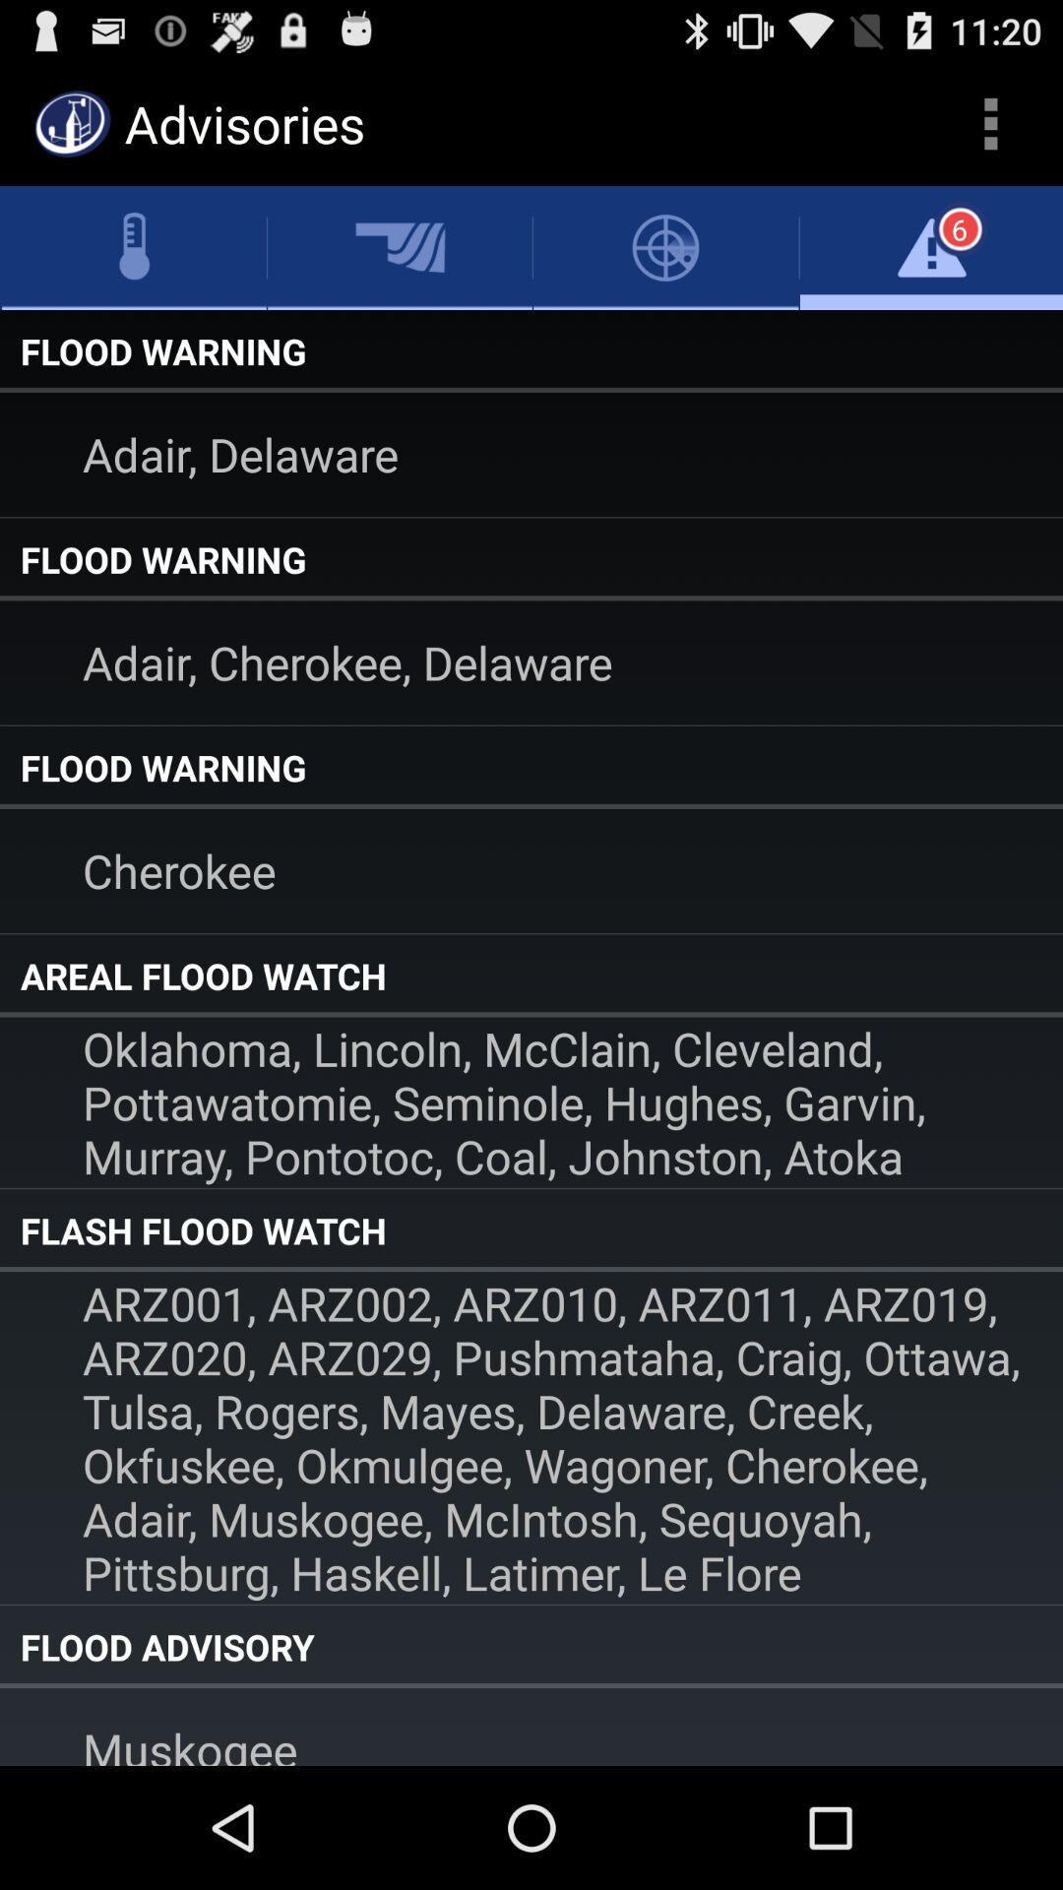  Describe the element at coordinates (531, 976) in the screenshot. I see `areal flood watch item` at that location.